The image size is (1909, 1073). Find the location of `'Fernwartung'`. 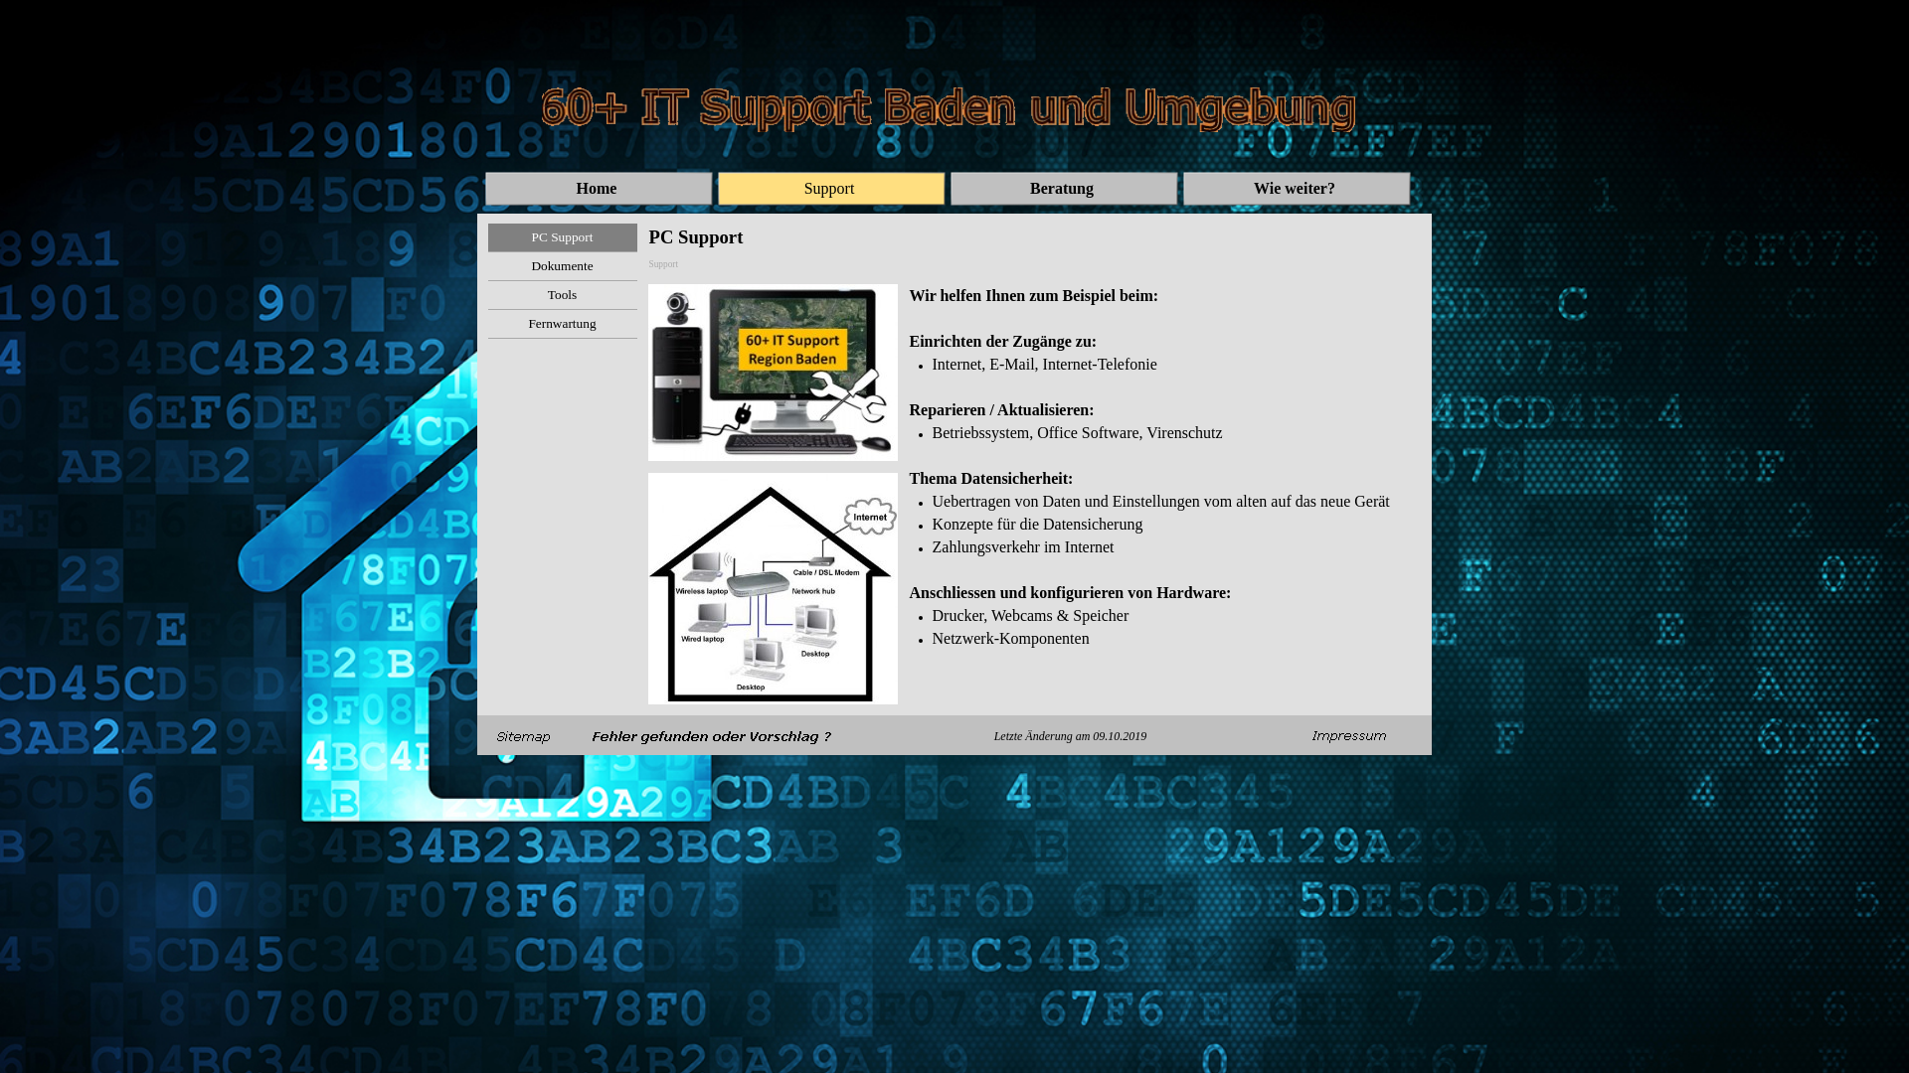

'Fernwartung' is located at coordinates (561, 323).